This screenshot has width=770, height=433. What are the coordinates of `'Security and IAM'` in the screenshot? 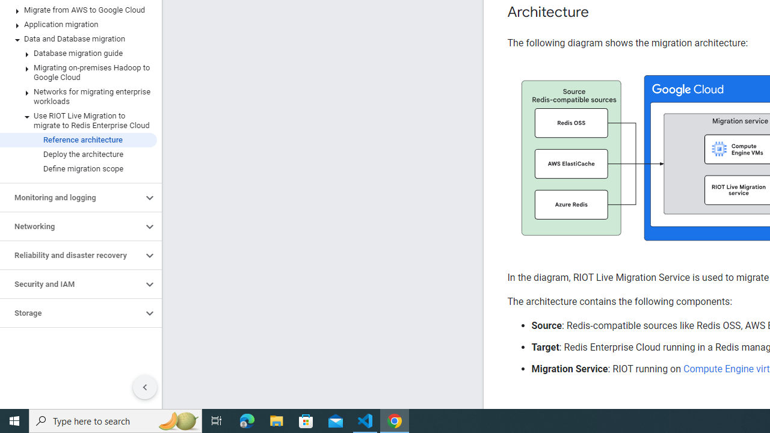 It's located at (70, 284).